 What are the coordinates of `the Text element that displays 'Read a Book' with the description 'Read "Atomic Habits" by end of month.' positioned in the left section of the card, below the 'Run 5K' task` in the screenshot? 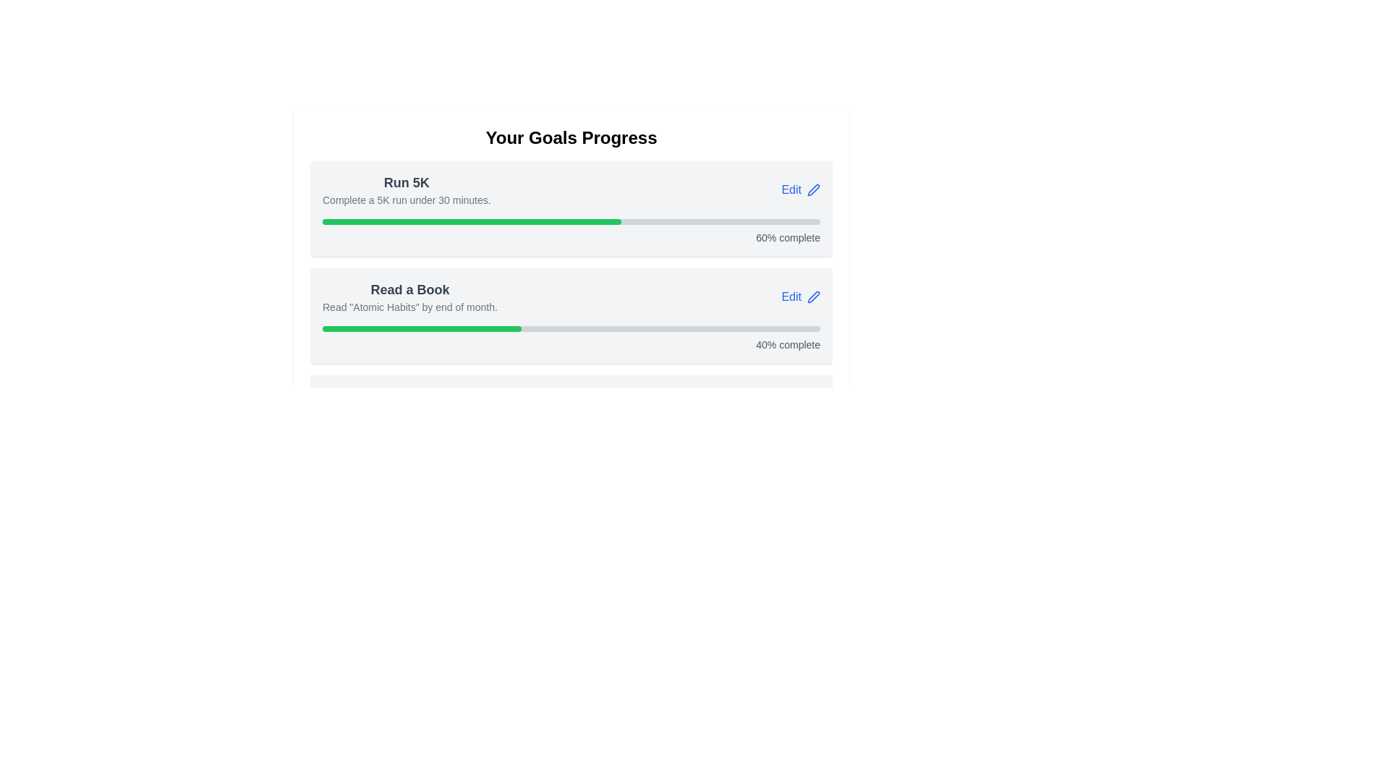 It's located at (409, 296).